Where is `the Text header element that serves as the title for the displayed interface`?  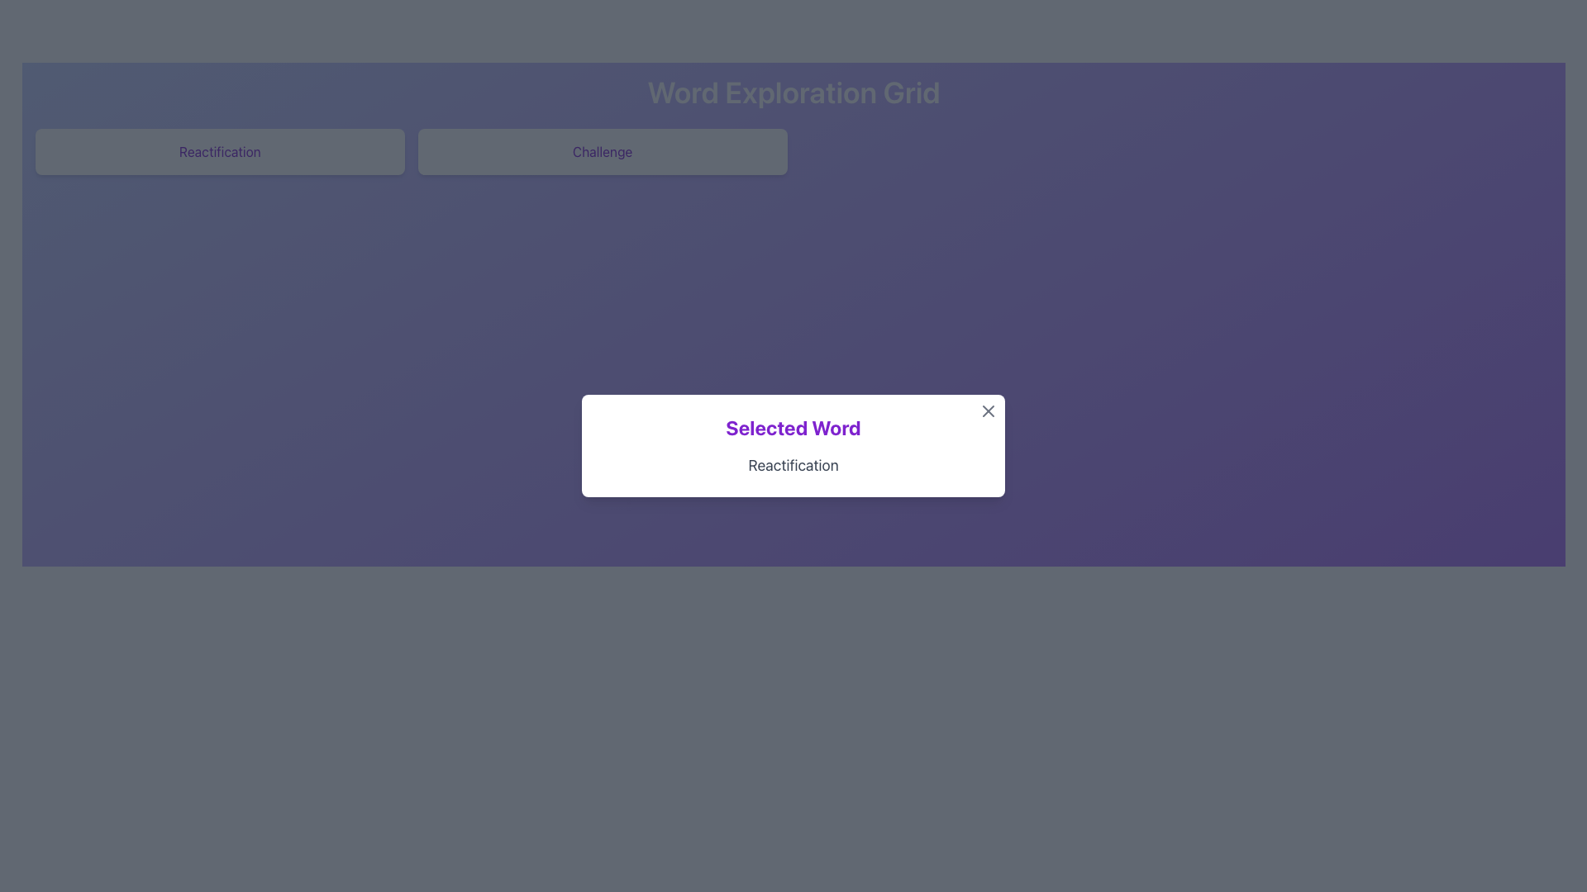 the Text header element that serves as the title for the displayed interface is located at coordinates (793, 92).